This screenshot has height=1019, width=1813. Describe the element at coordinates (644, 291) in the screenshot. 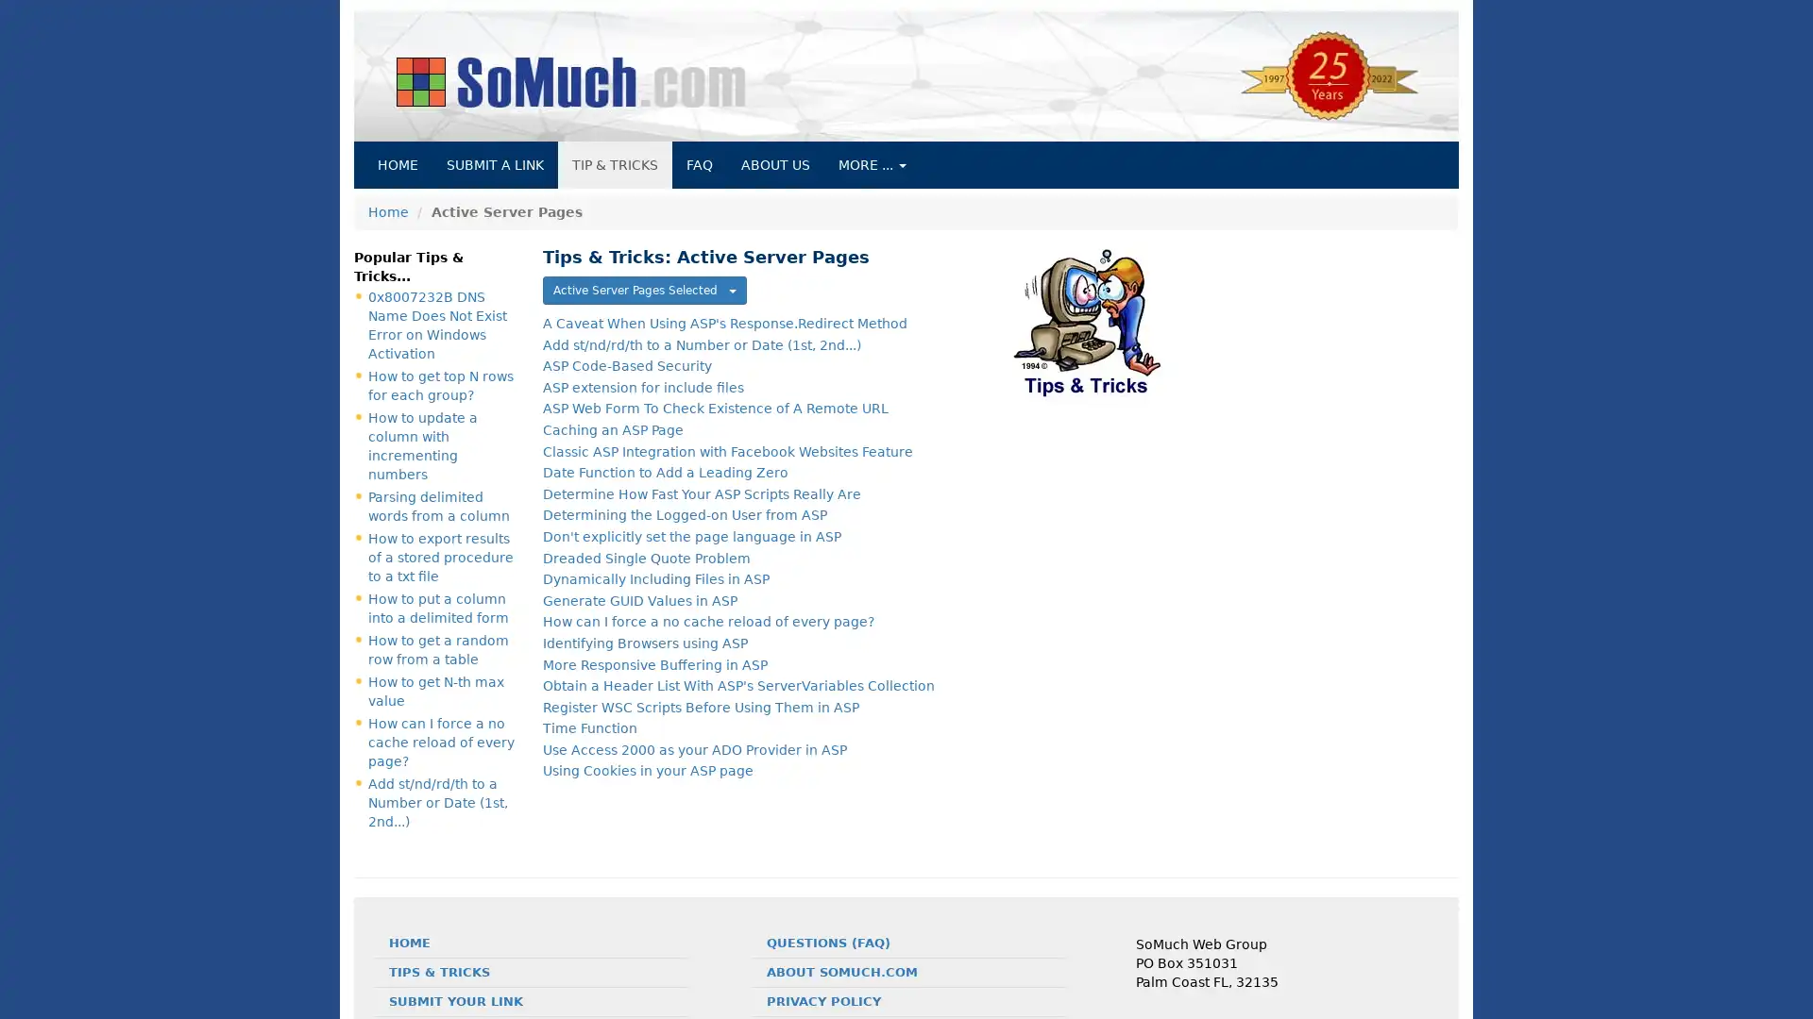

I see `Active Server Pages Selected` at that location.